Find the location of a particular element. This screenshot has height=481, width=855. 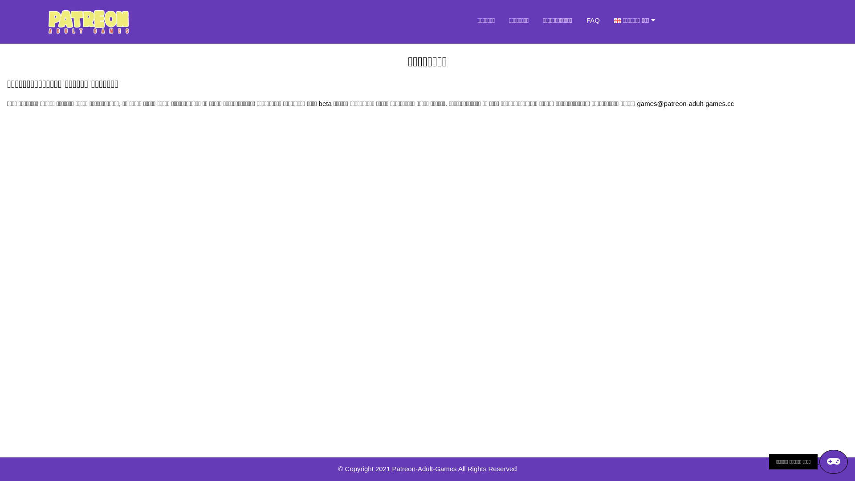

'FAQ' is located at coordinates (579, 20).